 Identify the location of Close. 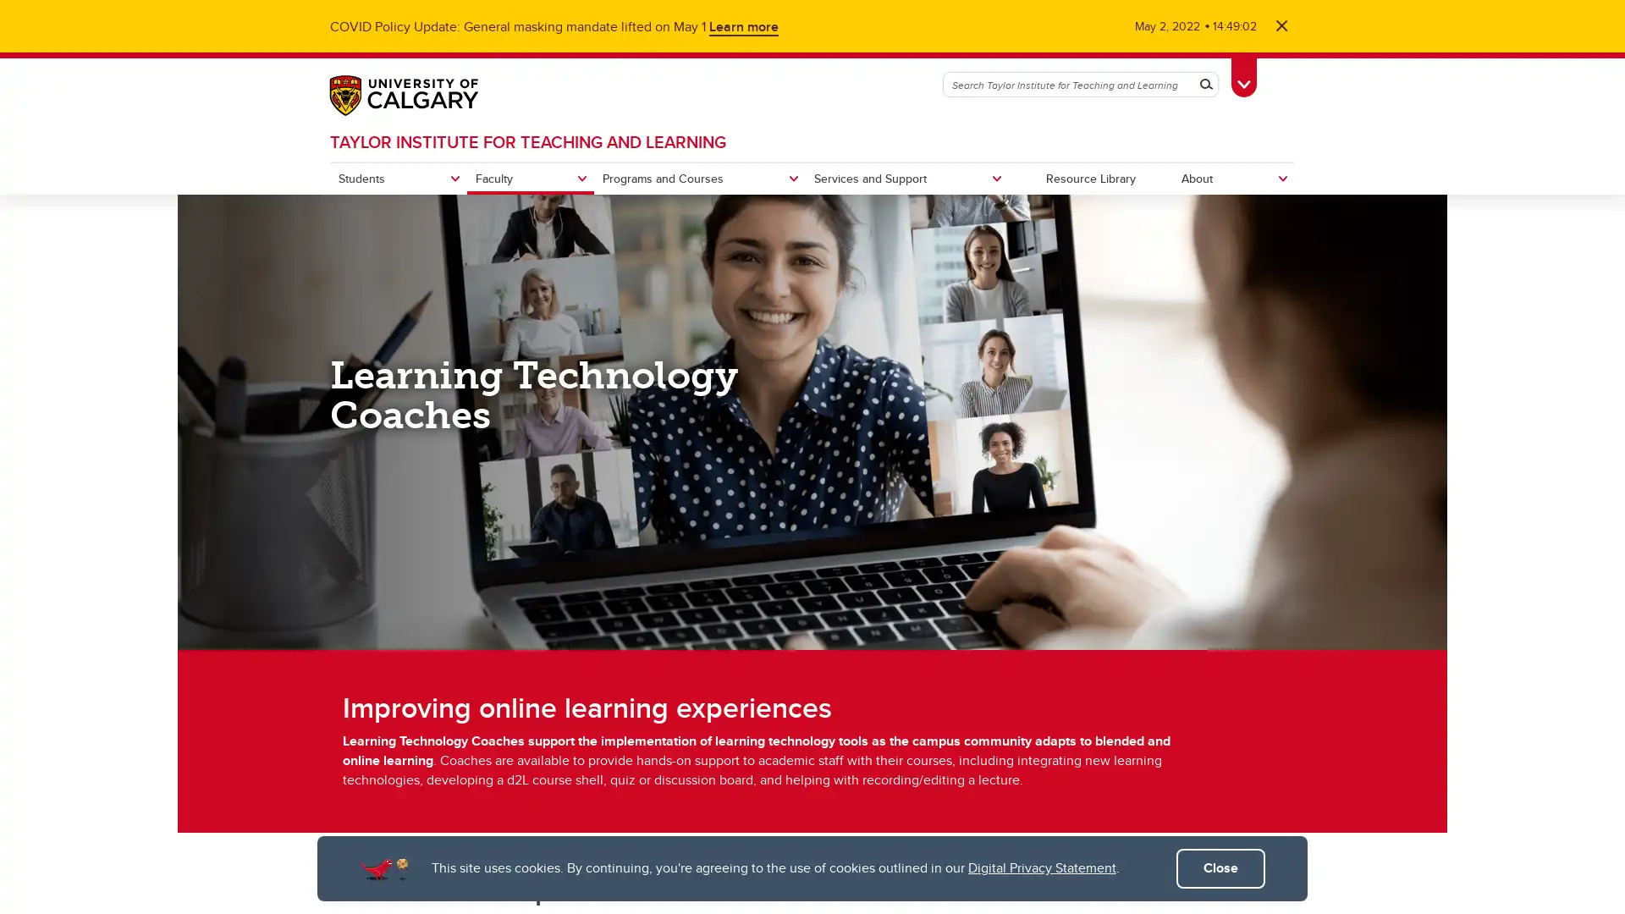
(1220, 868).